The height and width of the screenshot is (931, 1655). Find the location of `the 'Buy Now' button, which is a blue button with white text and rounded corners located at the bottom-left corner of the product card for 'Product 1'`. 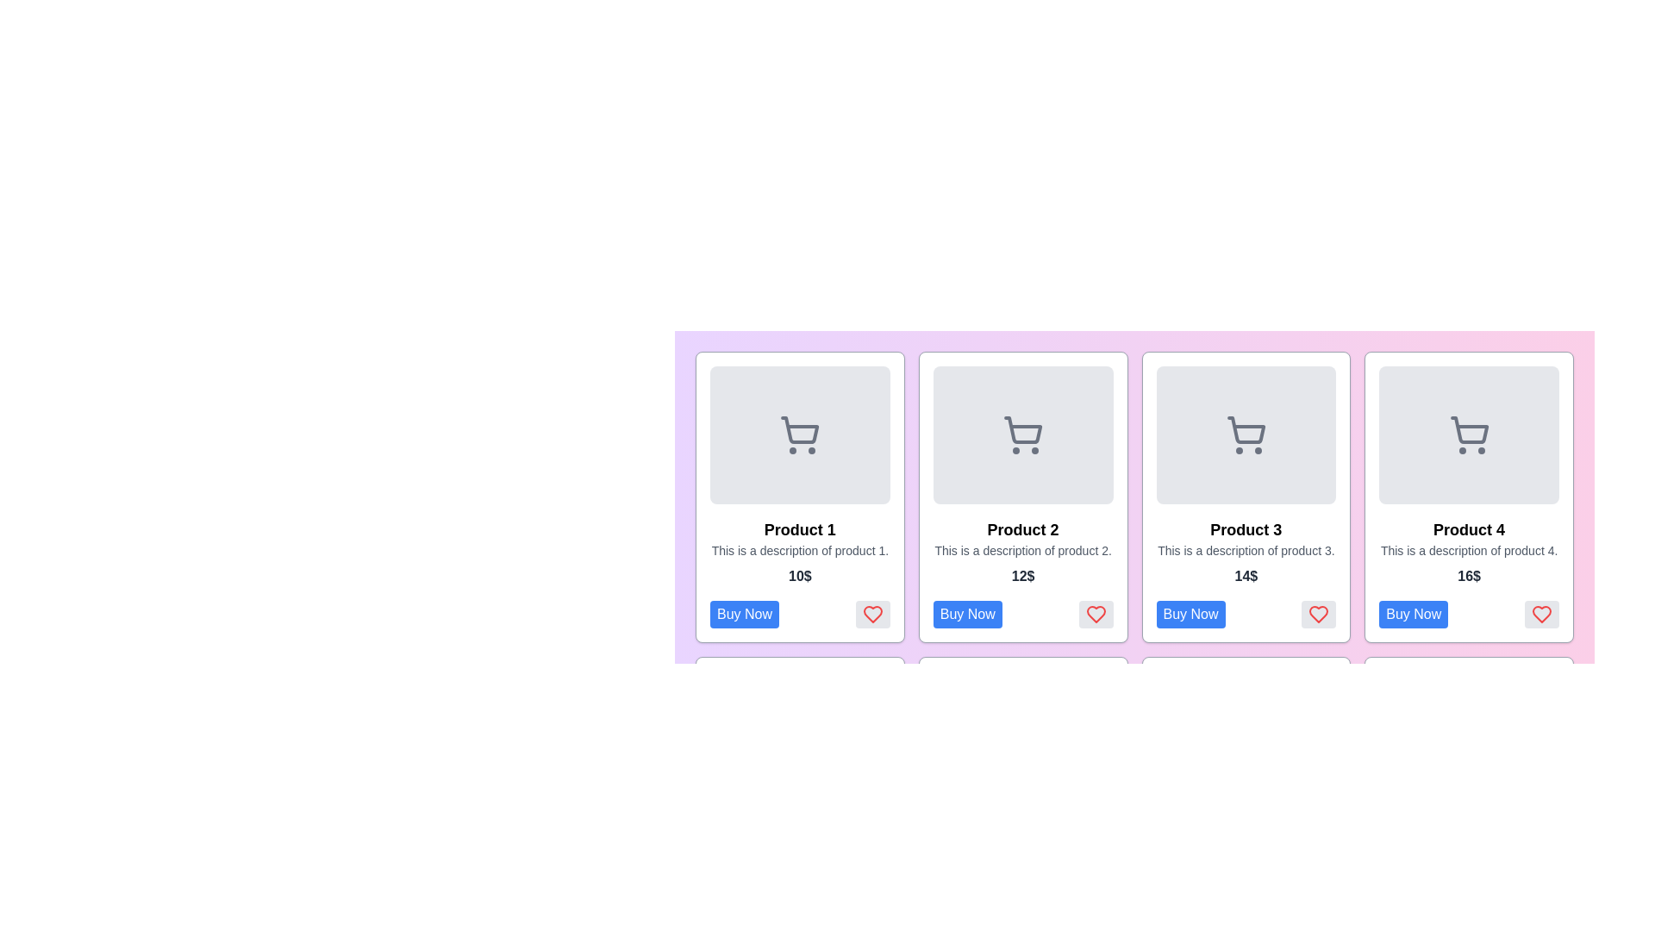

the 'Buy Now' button, which is a blue button with white text and rounded corners located at the bottom-left corner of the product card for 'Product 1' is located at coordinates (745, 614).